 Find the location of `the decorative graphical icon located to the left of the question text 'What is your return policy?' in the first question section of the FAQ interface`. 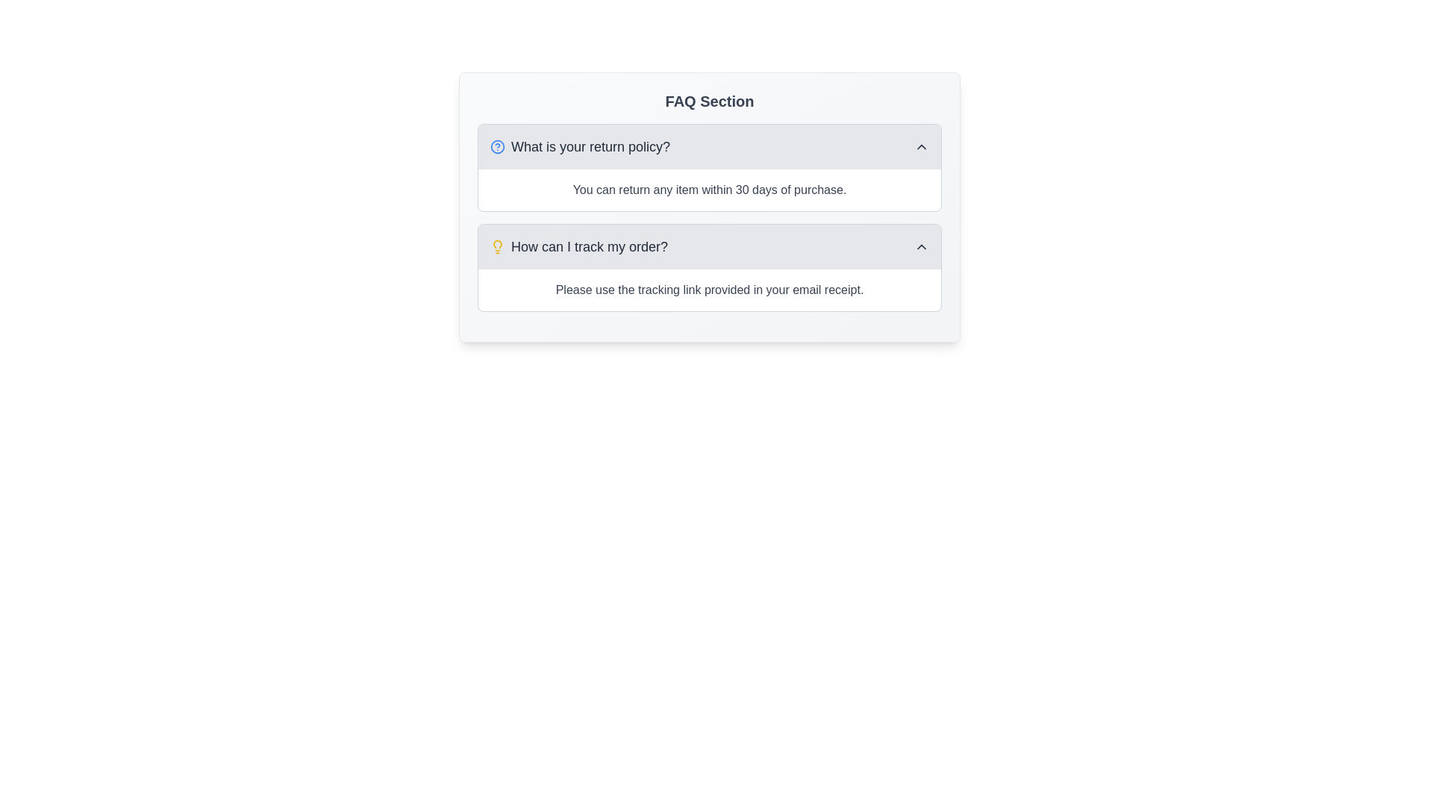

the decorative graphical icon located to the left of the question text 'What is your return policy?' in the first question section of the FAQ interface is located at coordinates (498, 146).